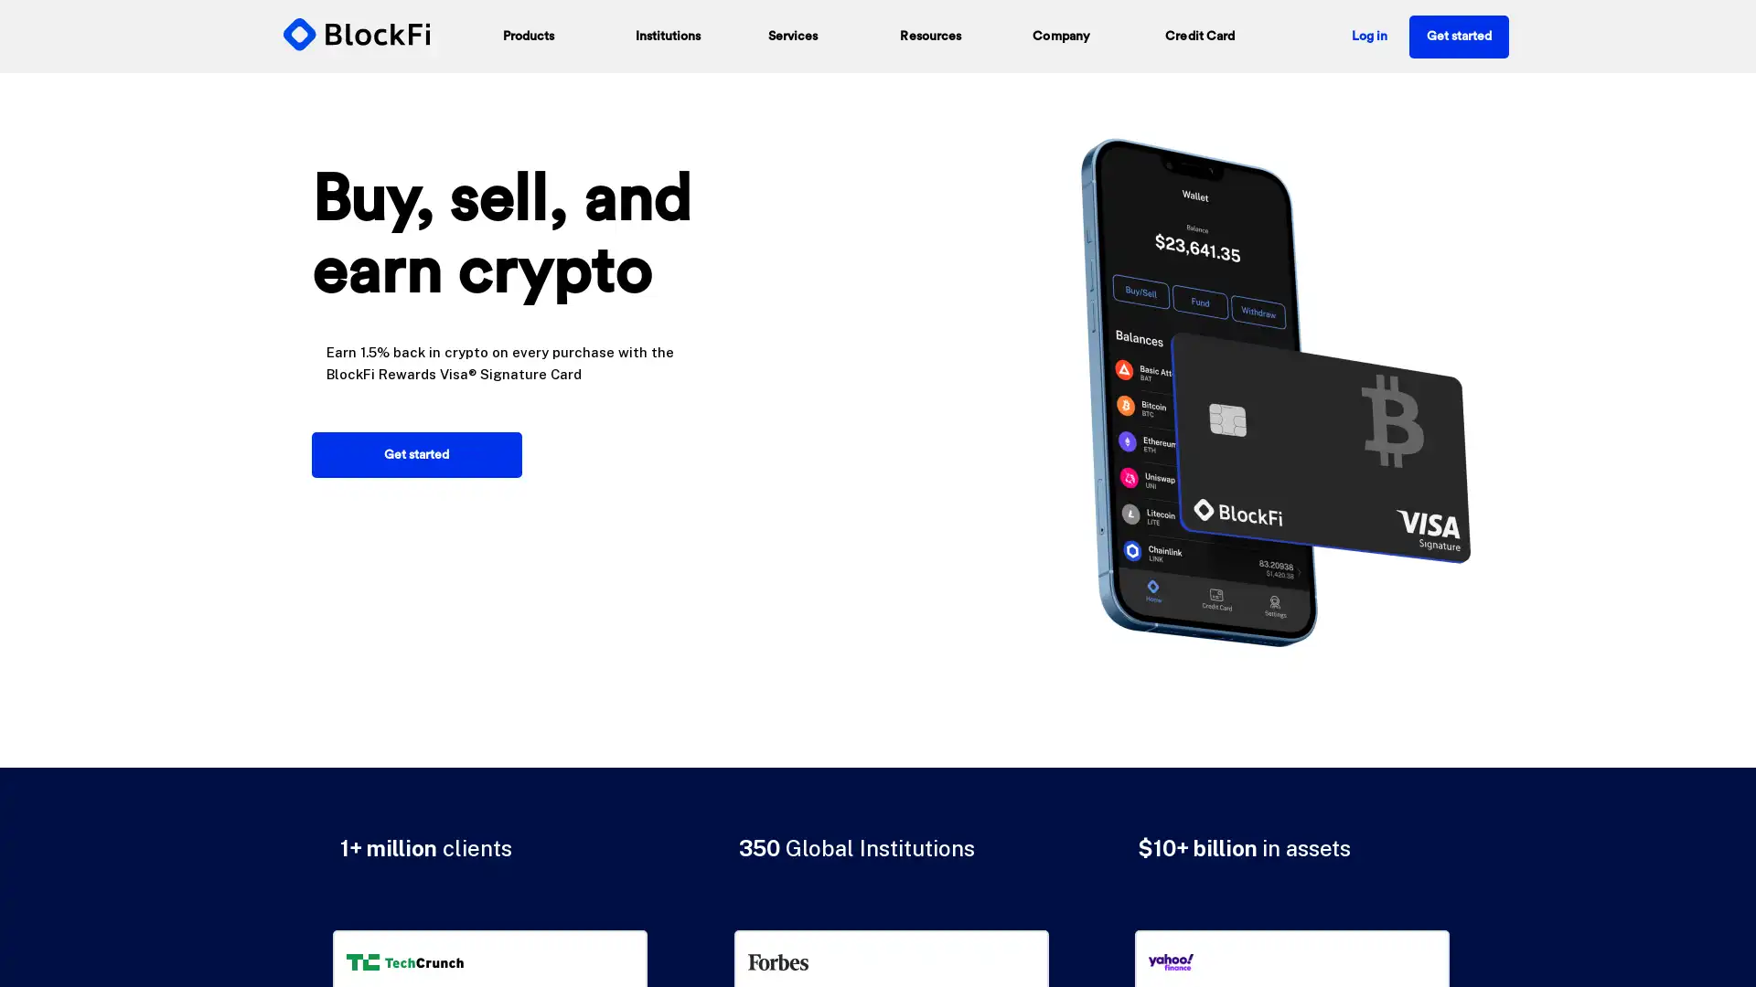  Describe the element at coordinates (1246, 884) in the screenshot. I see `I Understand` at that location.